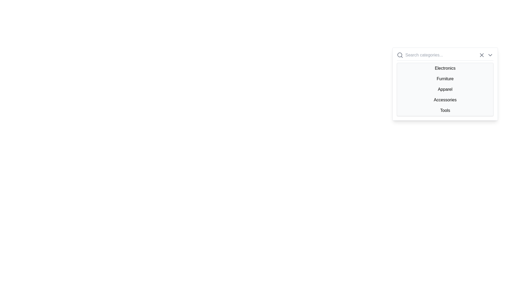 Image resolution: width=508 pixels, height=285 pixels. What do you see at coordinates (445, 68) in the screenshot?
I see `the 'Electronics' menu item in the dropdown list` at bounding box center [445, 68].